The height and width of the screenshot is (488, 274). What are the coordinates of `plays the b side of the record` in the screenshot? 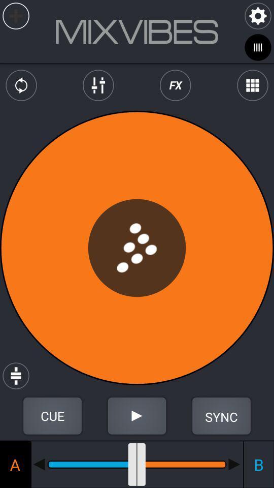 It's located at (234, 464).